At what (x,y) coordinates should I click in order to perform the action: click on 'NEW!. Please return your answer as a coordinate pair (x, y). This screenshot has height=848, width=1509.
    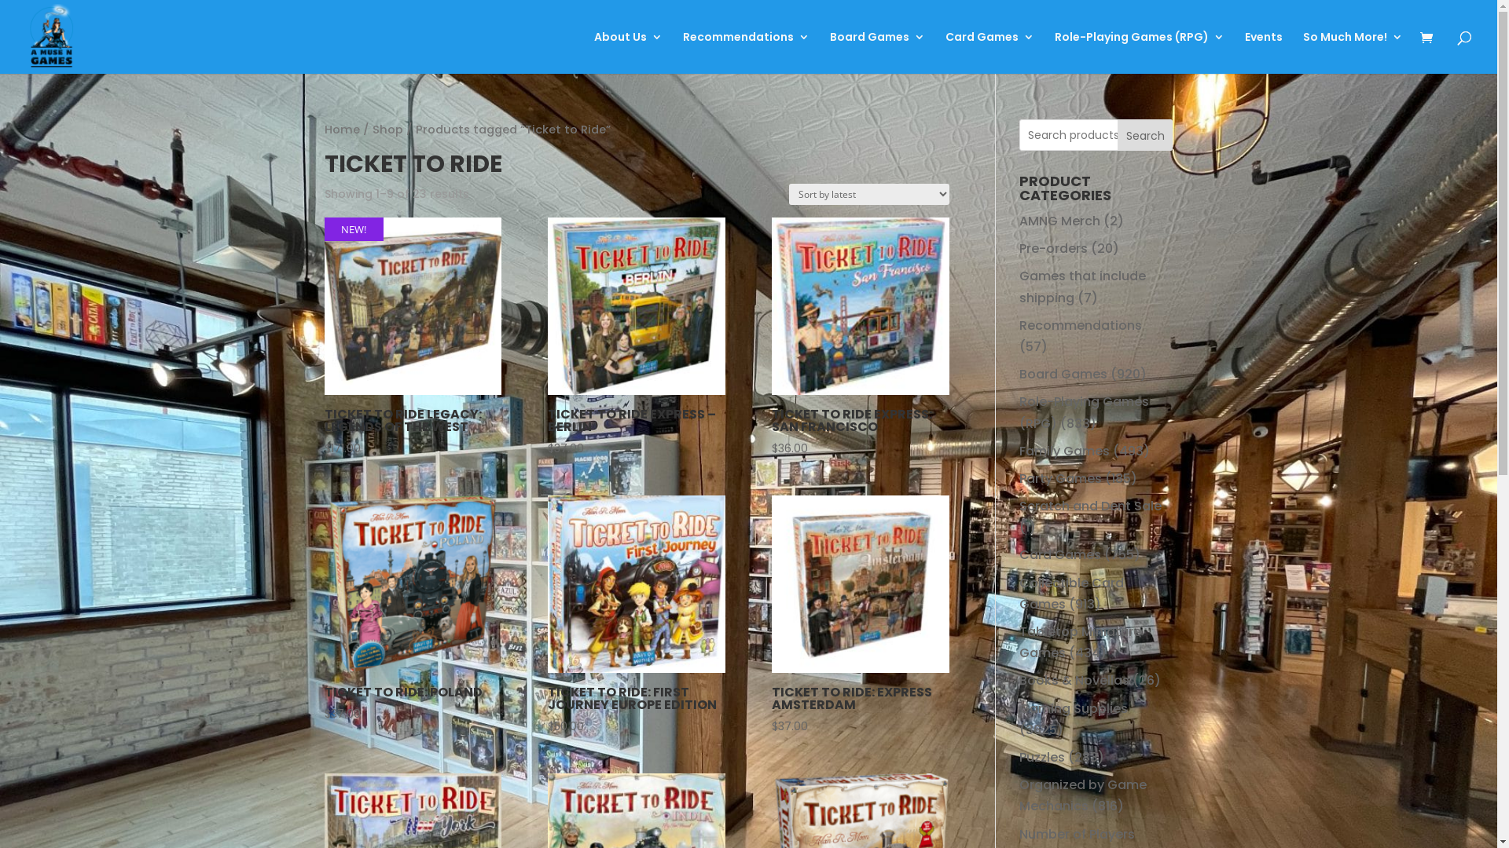
    Looking at the image, I should click on (323, 336).